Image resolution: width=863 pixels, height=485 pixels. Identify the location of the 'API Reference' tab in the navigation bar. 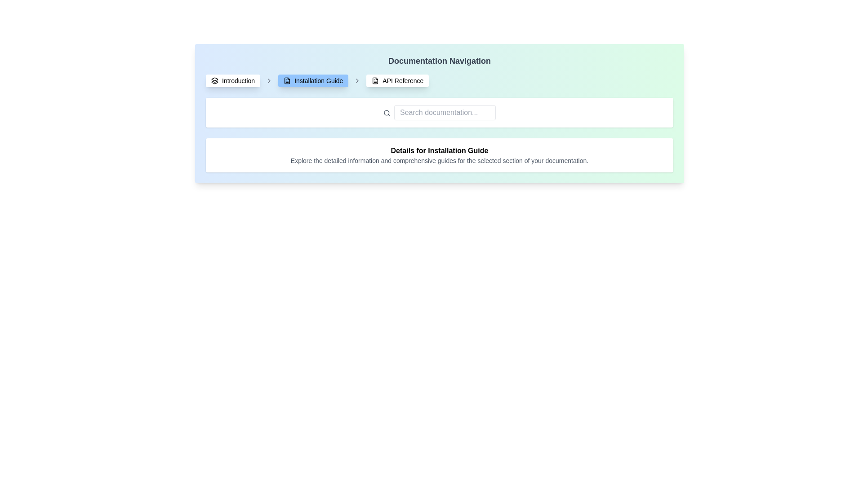
(397, 81).